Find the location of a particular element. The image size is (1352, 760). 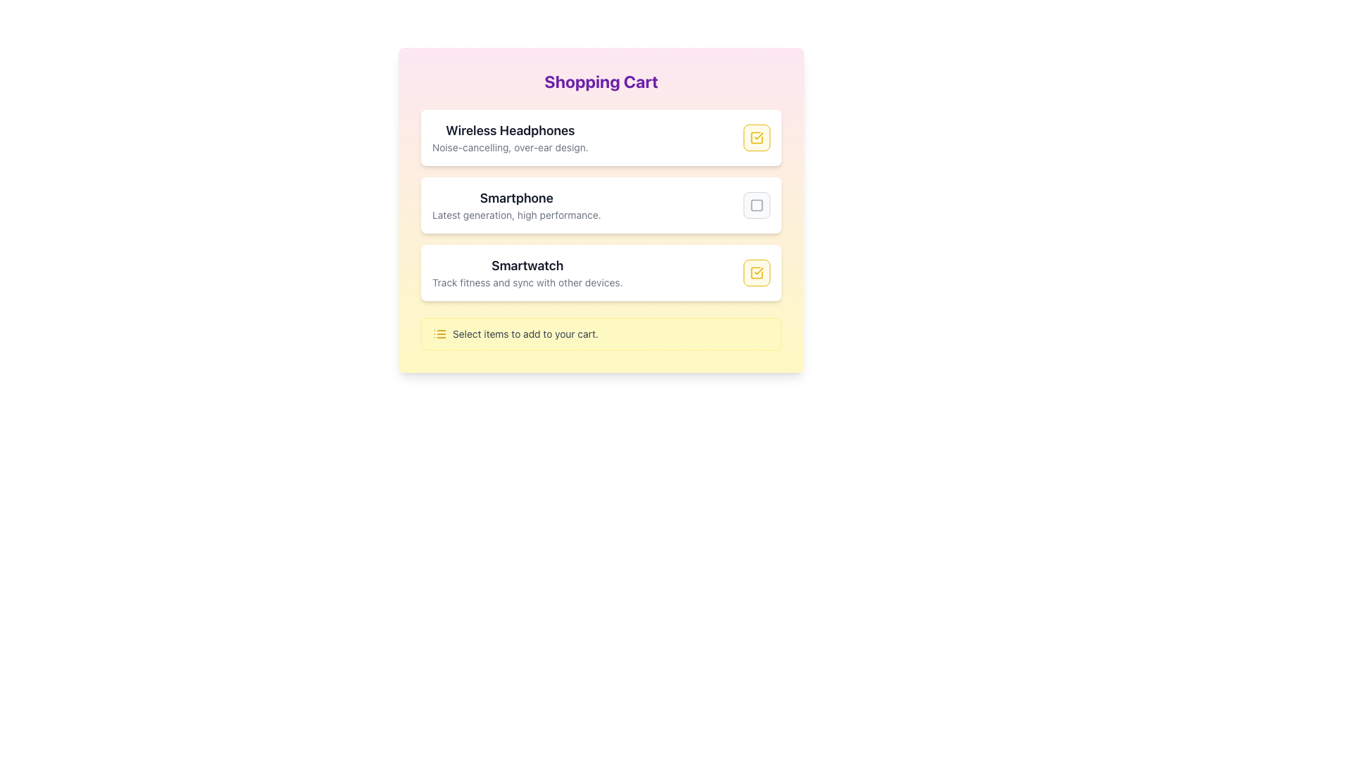

the second icon in the vertical list, which is adjacent to the text 'Smartphone', indicating a feature on or off status is located at coordinates (756, 205).